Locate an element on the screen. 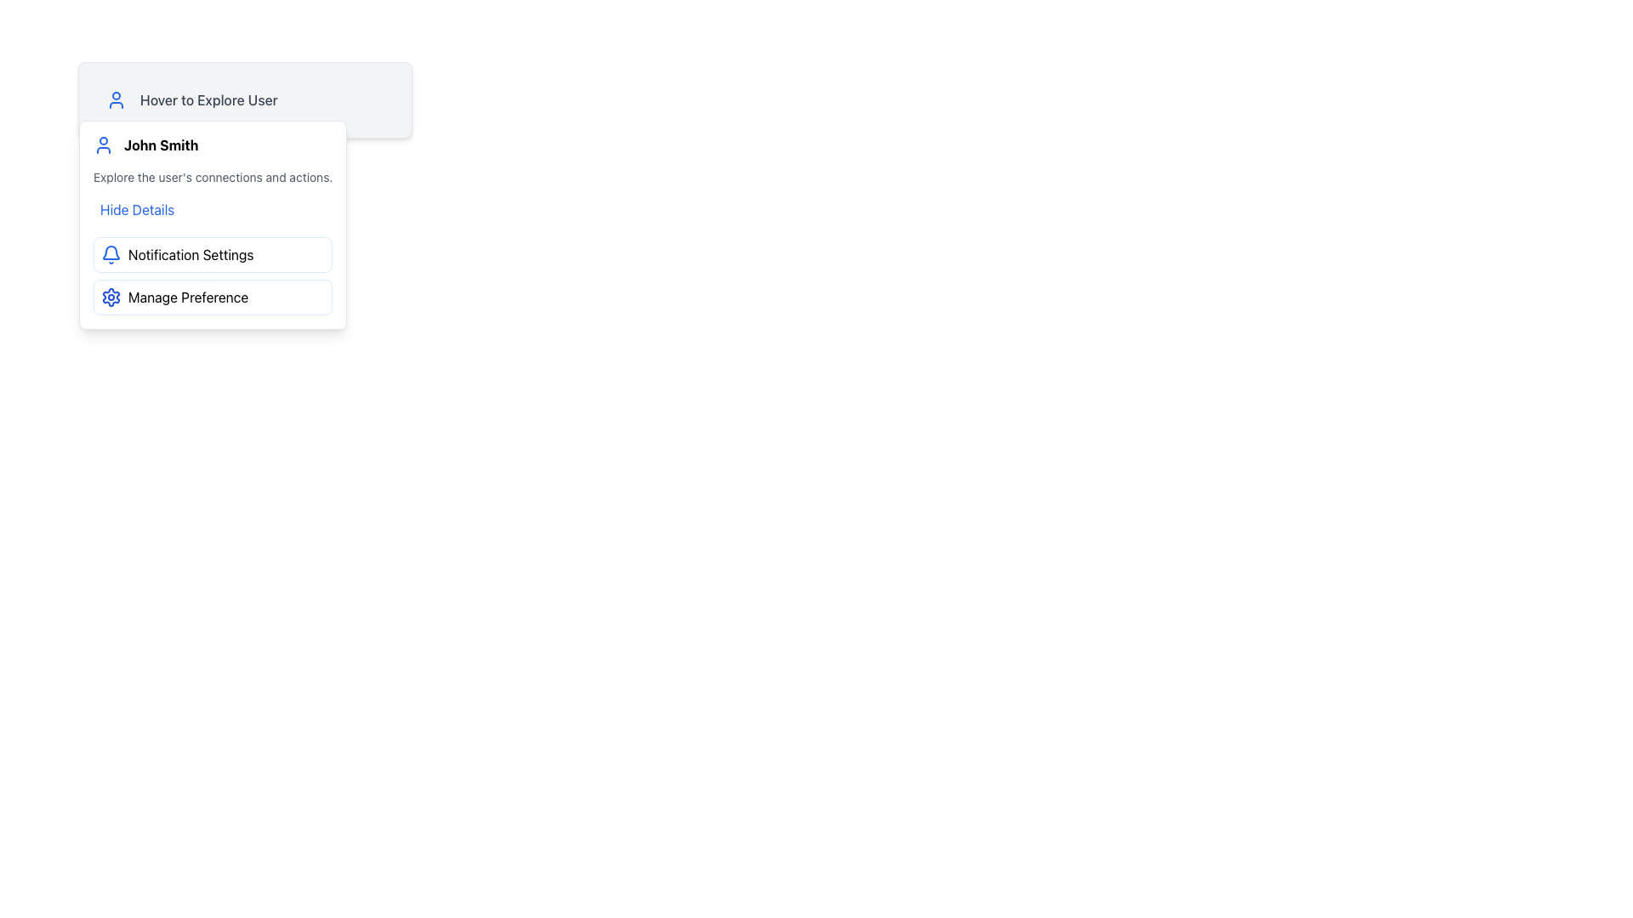  the 'Manage Preference' button, which is a horizontally-aligned button with a blue gear icon and white background, located directly below the 'Notification Settings' button in the dropdown menu is located at coordinates (212, 297).